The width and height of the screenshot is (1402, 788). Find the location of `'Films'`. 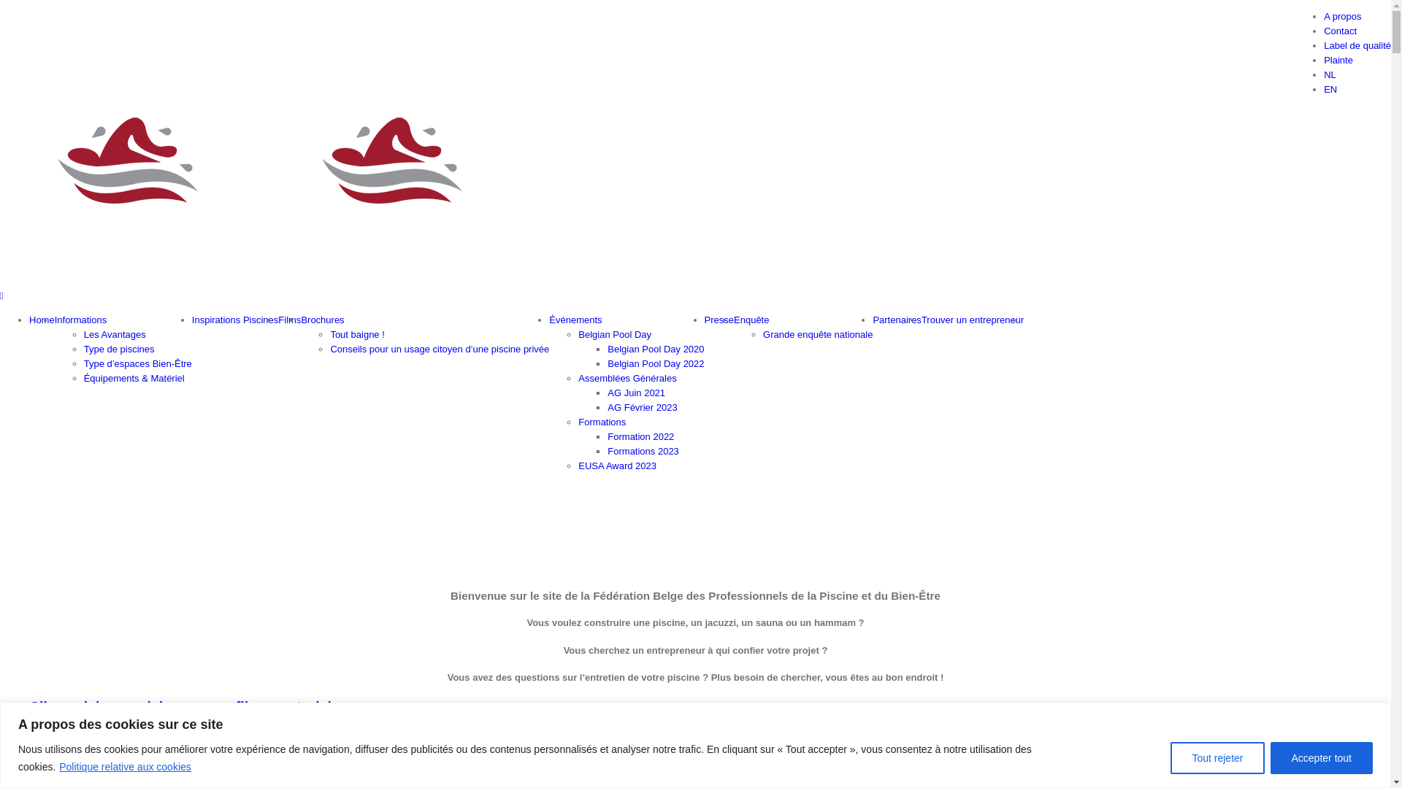

'Films' is located at coordinates (277, 319).